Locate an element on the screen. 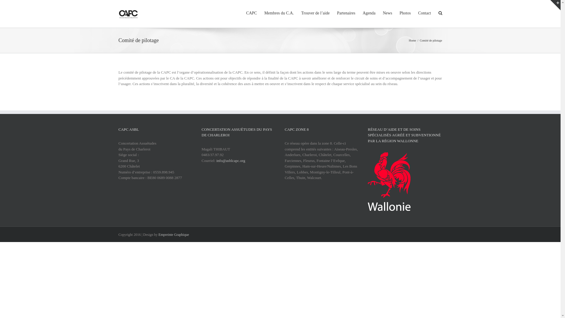 The height and width of the screenshot is (318, 565). 'Contact' is located at coordinates (425, 12).